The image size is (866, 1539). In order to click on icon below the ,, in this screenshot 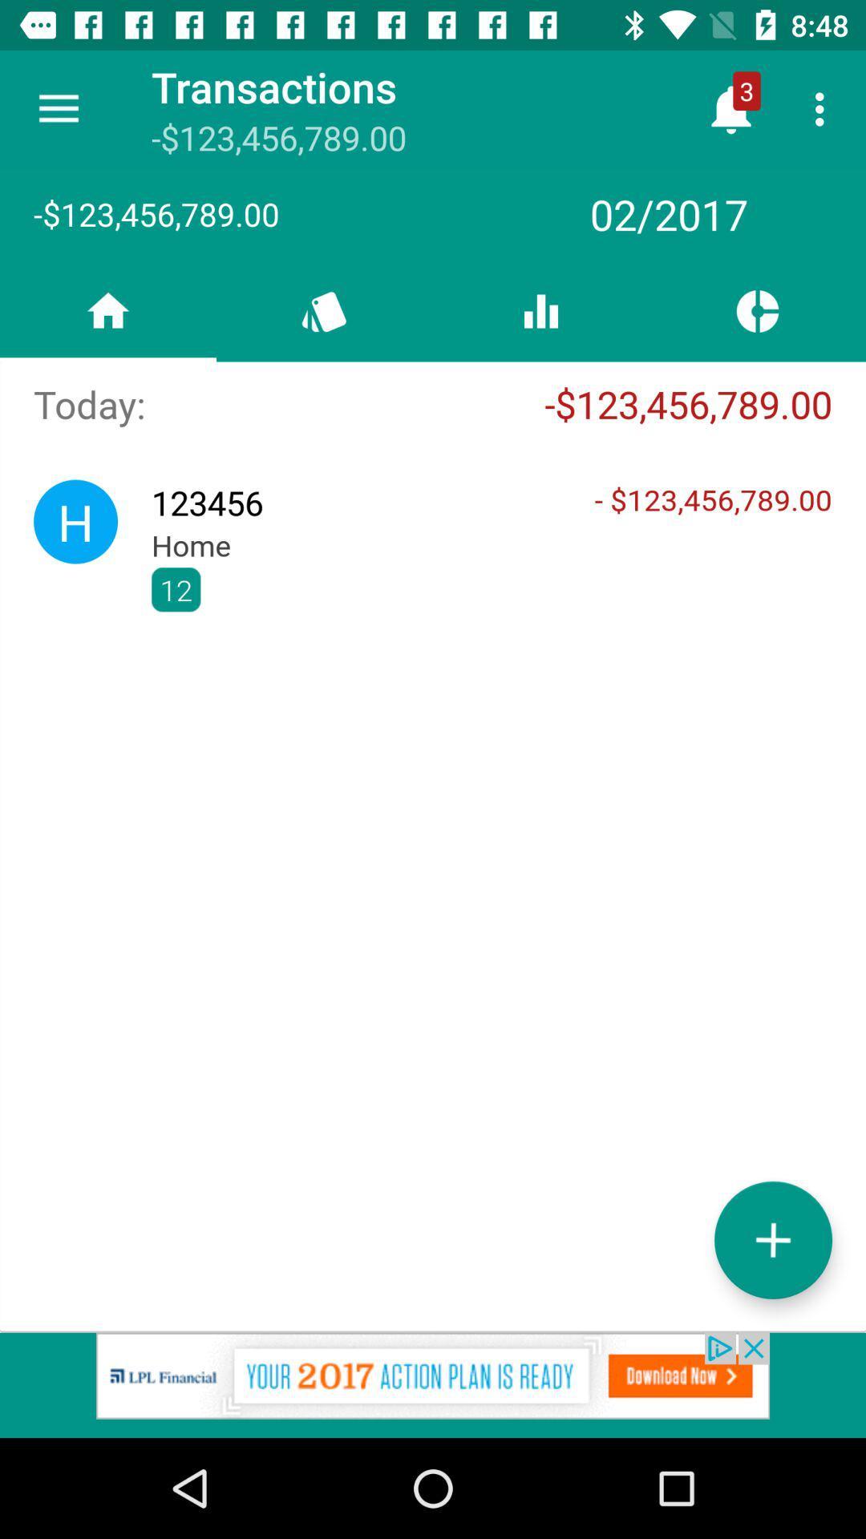, I will do `click(772, 1239)`.